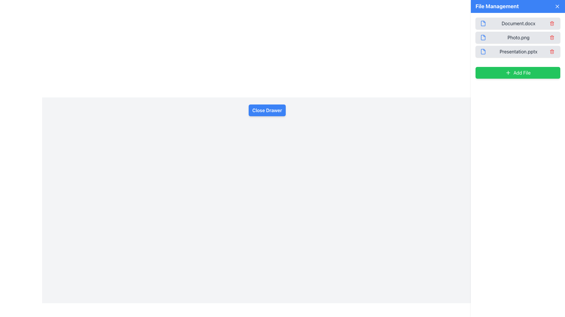 This screenshot has height=317, width=565. What do you see at coordinates (518, 72) in the screenshot?
I see `the primary action button located at the bottom of the 'File Management' panel` at bounding box center [518, 72].